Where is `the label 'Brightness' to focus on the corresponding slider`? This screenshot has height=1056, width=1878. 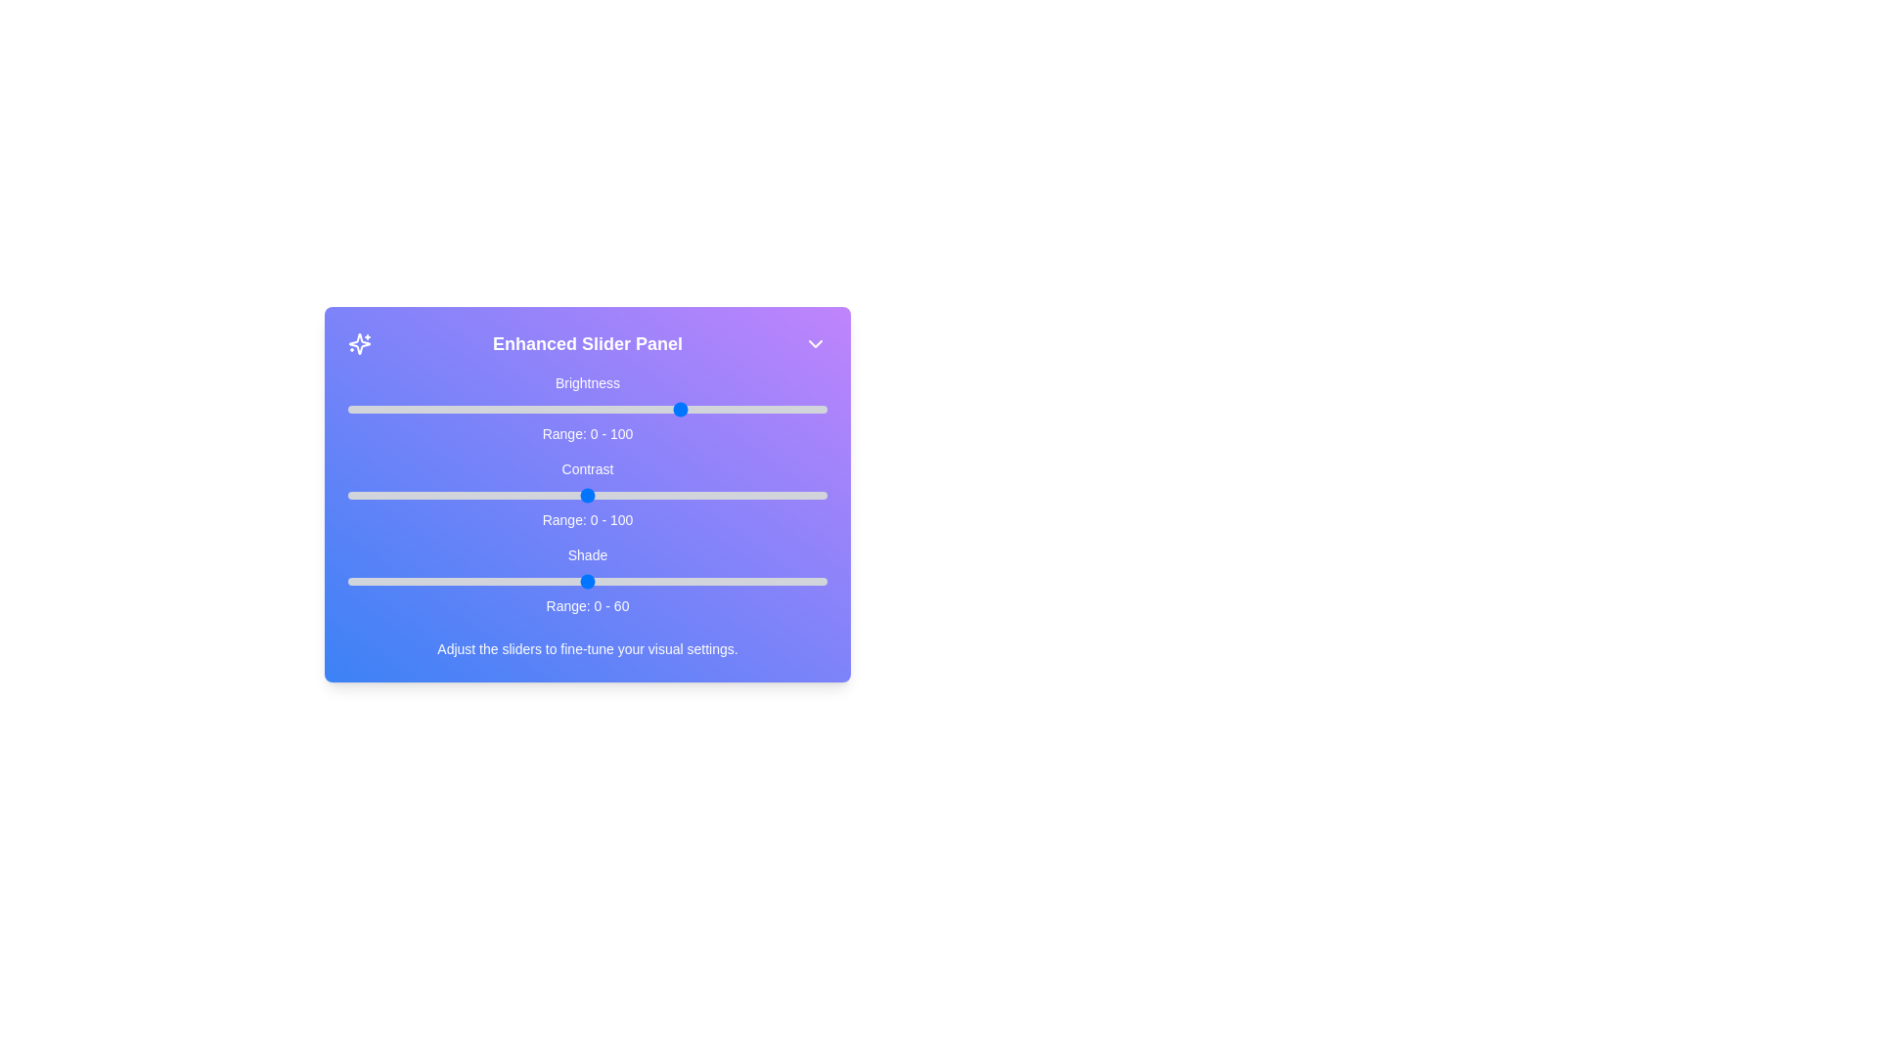
the label 'Brightness' to focus on the corresponding slider is located at coordinates (586, 383).